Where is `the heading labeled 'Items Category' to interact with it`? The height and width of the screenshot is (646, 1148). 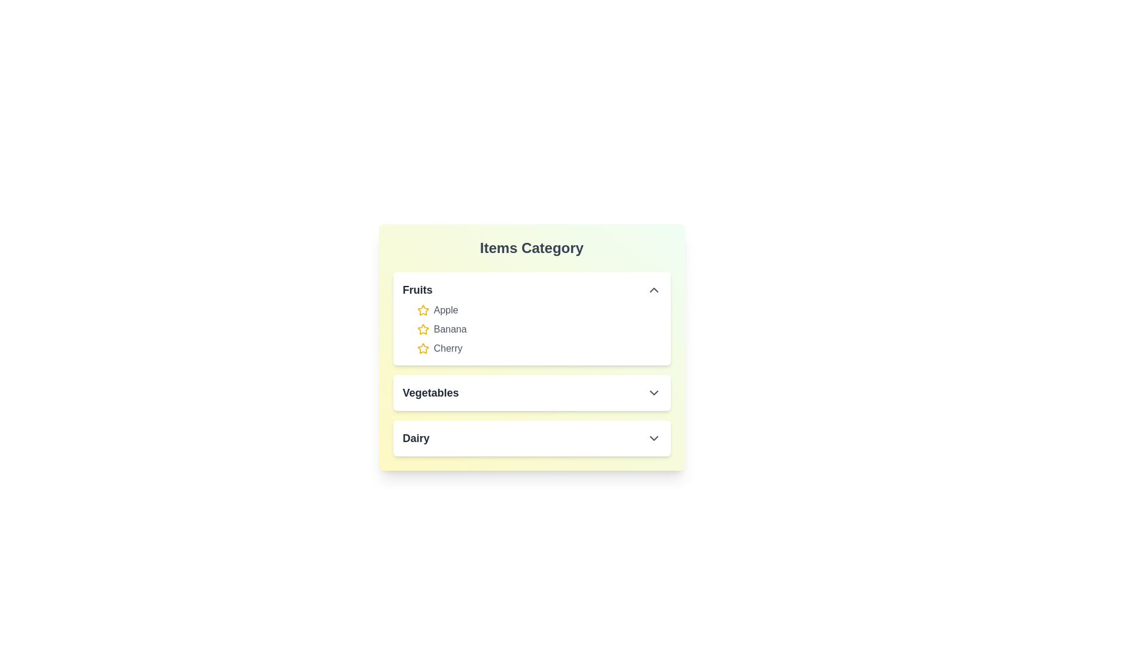
the heading labeled 'Items Category' to interact with it is located at coordinates (531, 248).